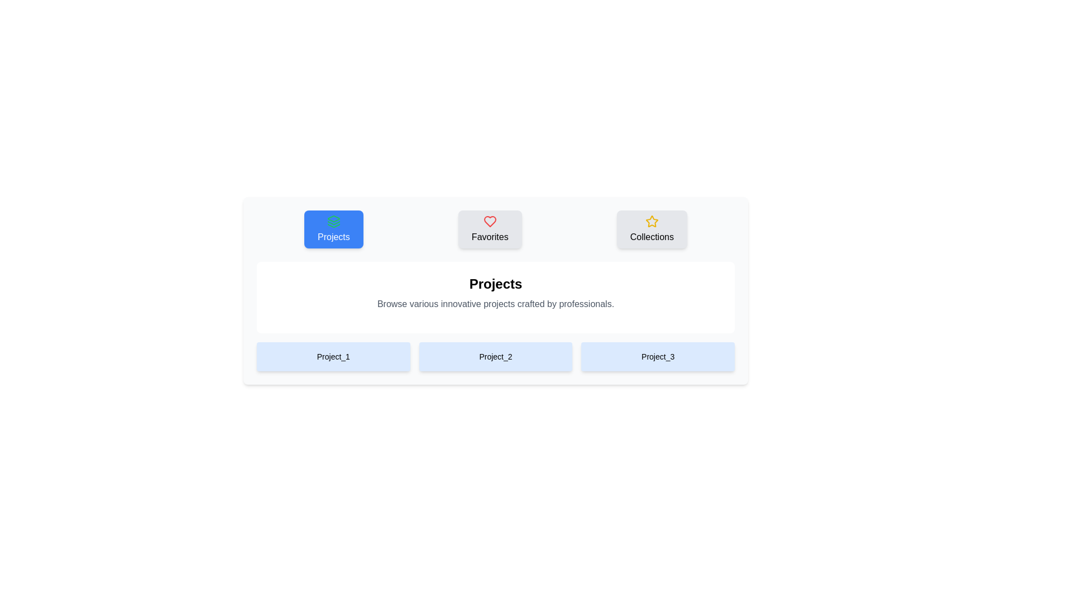 This screenshot has width=1072, height=603. What do you see at coordinates (495, 304) in the screenshot?
I see `the descriptive text area of the active tab and read its content` at bounding box center [495, 304].